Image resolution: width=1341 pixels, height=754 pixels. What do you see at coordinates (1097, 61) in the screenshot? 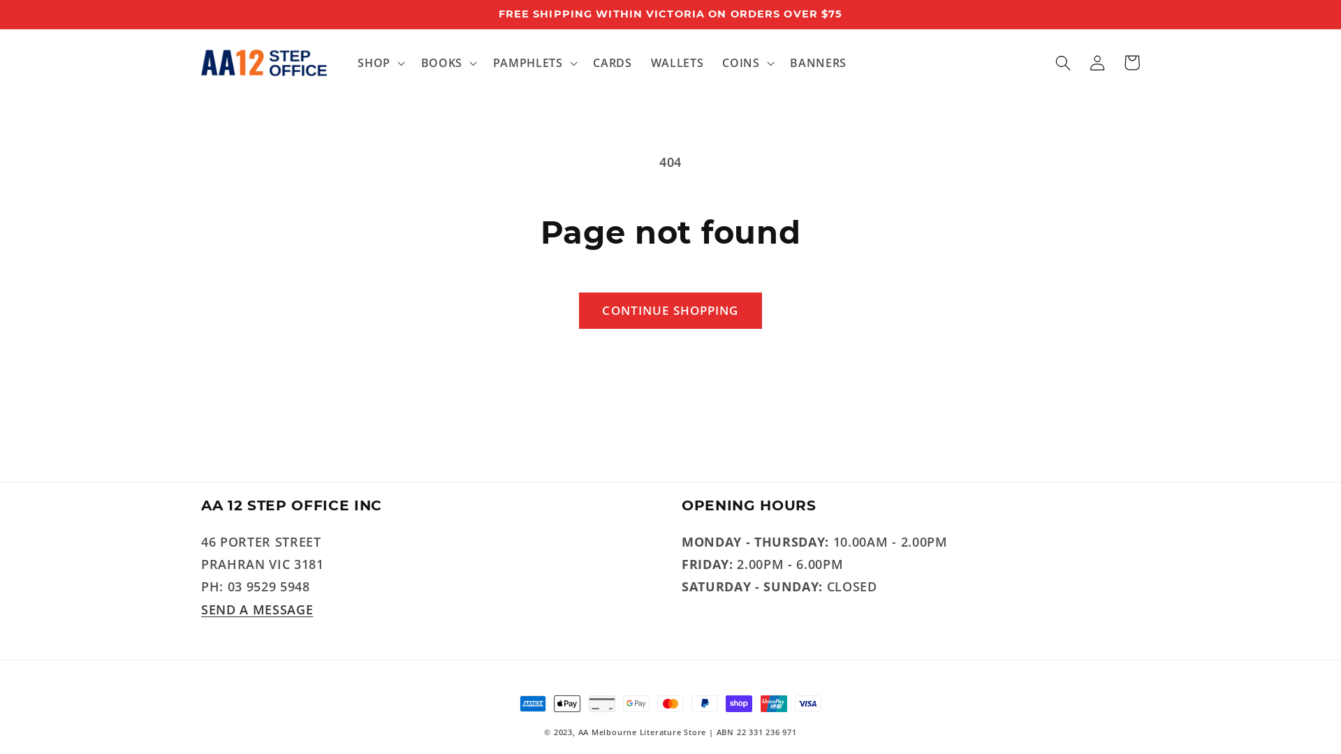
I see `'Log in'` at bounding box center [1097, 61].